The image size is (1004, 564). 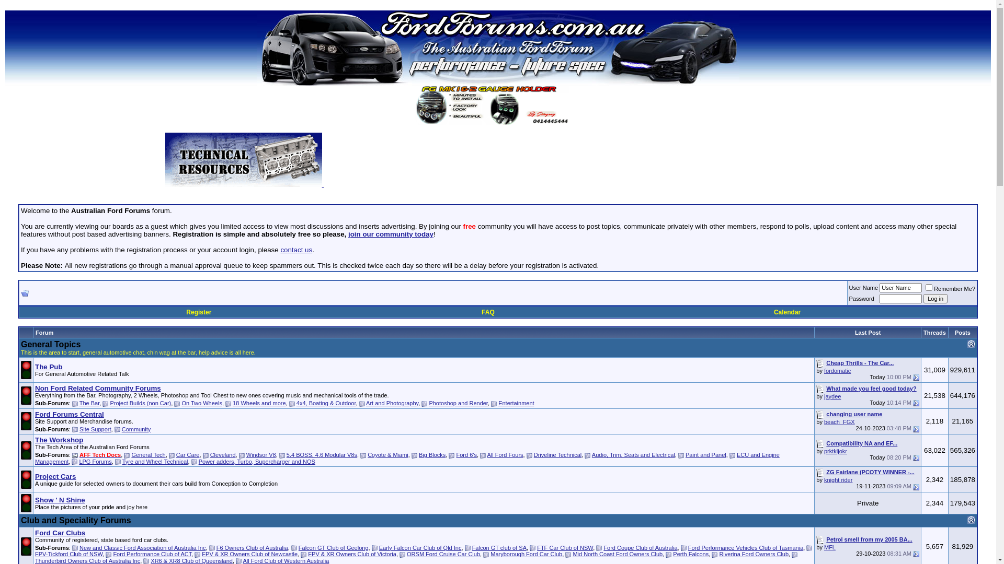 I want to click on 'Driveline Technical', so click(x=557, y=454).